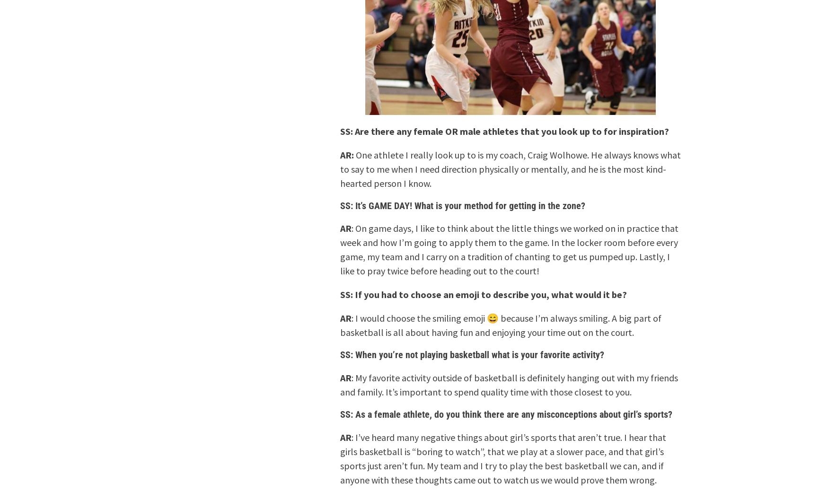 The width and height of the screenshot is (828, 492). What do you see at coordinates (504, 130) in the screenshot?
I see `'SS: Are there any female OR male athletes that you look up to for inspiration?'` at bounding box center [504, 130].